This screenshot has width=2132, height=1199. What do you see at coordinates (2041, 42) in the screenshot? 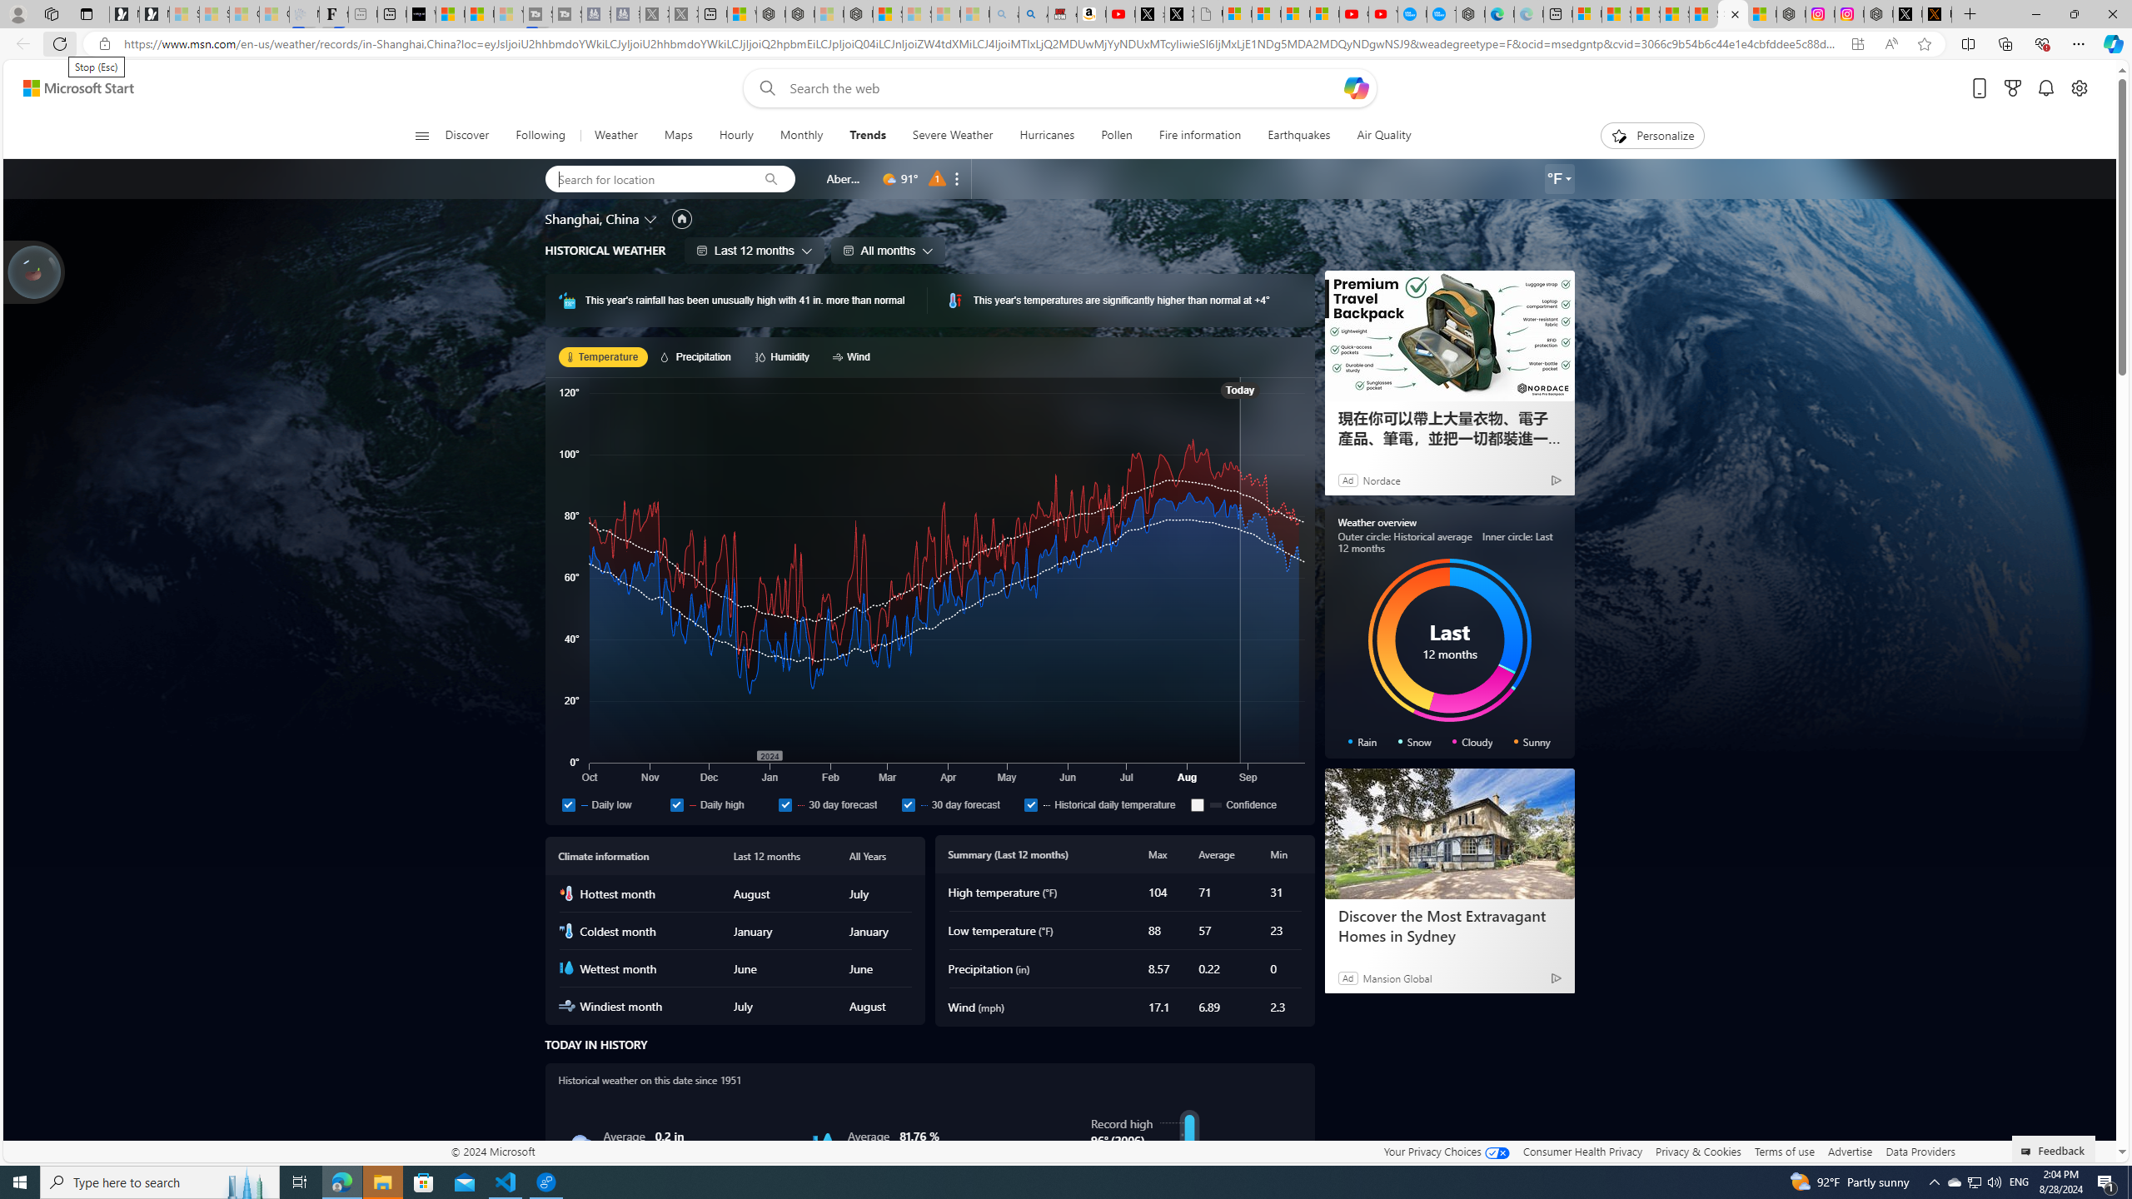
I see `'Browser essentials'` at bounding box center [2041, 42].